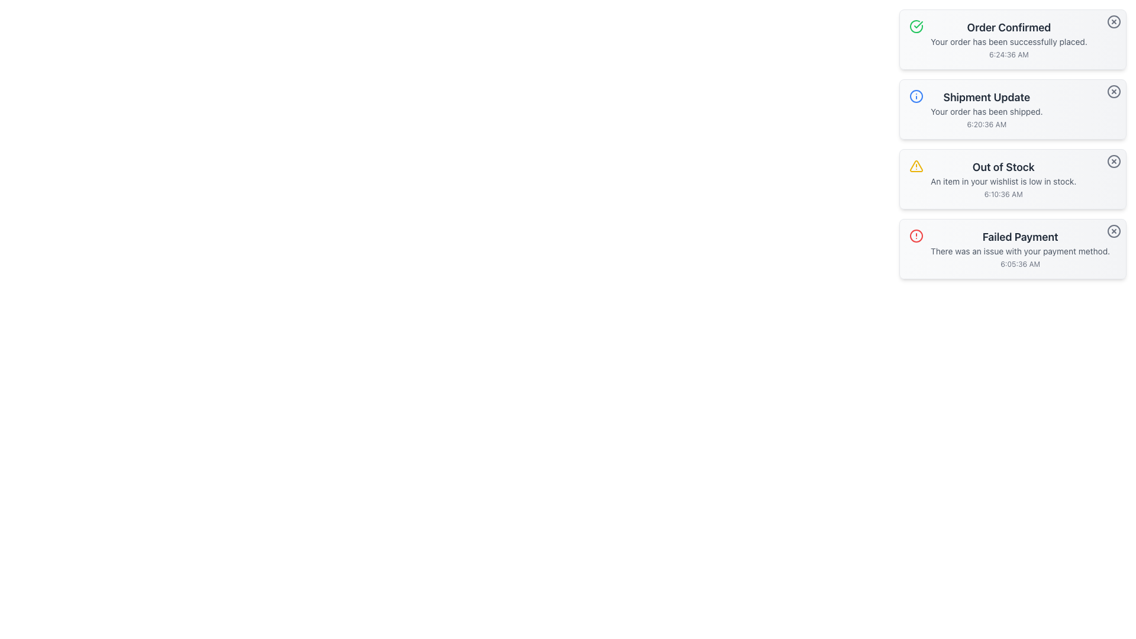 This screenshot has width=1136, height=639. What do you see at coordinates (1008, 38) in the screenshot?
I see `the 'Order Confirmed' text block in the first notification card, which displays three lines of confirmation details` at bounding box center [1008, 38].